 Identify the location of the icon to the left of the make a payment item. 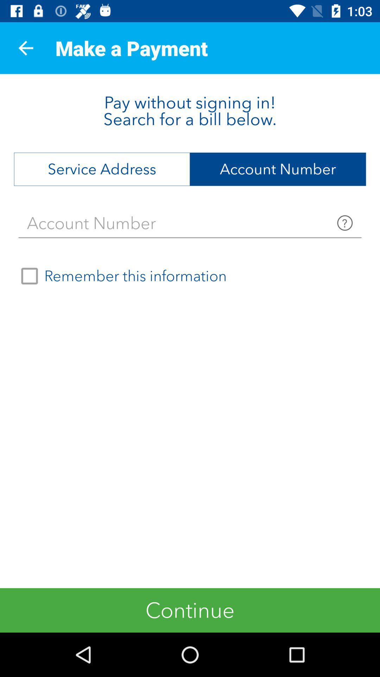
(25, 48).